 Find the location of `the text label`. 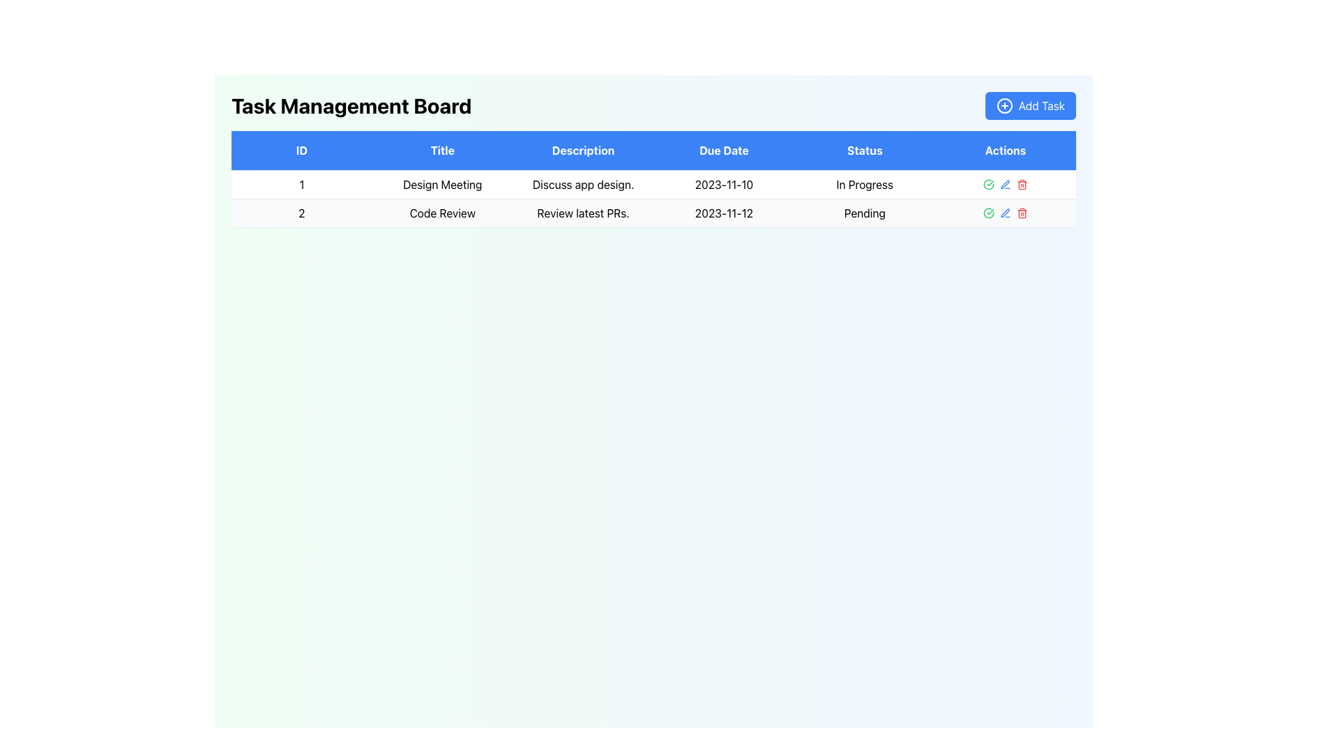

the text label is located at coordinates (441, 184).